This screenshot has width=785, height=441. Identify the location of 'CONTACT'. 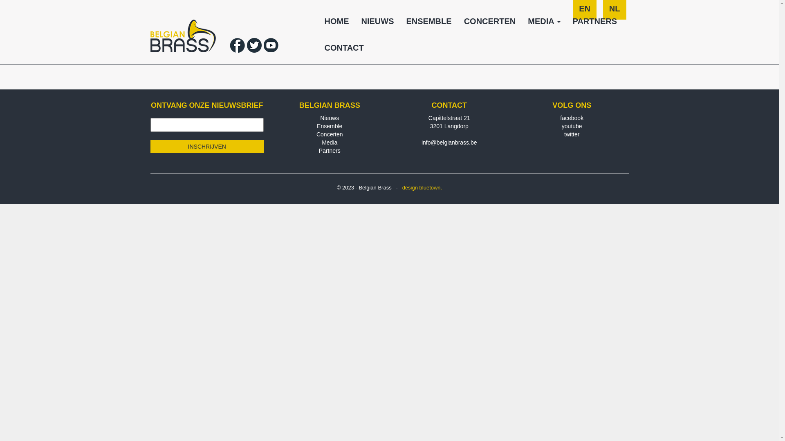
(343, 51).